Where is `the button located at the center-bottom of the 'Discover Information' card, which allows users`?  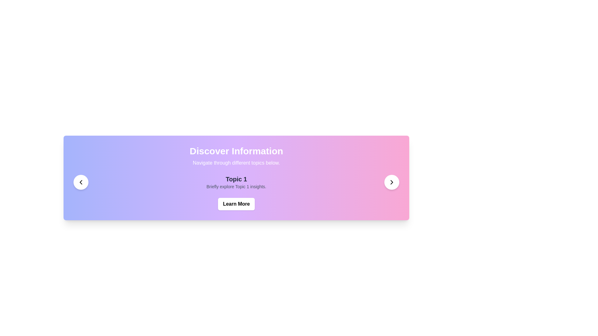 the button located at the center-bottom of the 'Discover Information' card, which allows users is located at coordinates (236, 204).